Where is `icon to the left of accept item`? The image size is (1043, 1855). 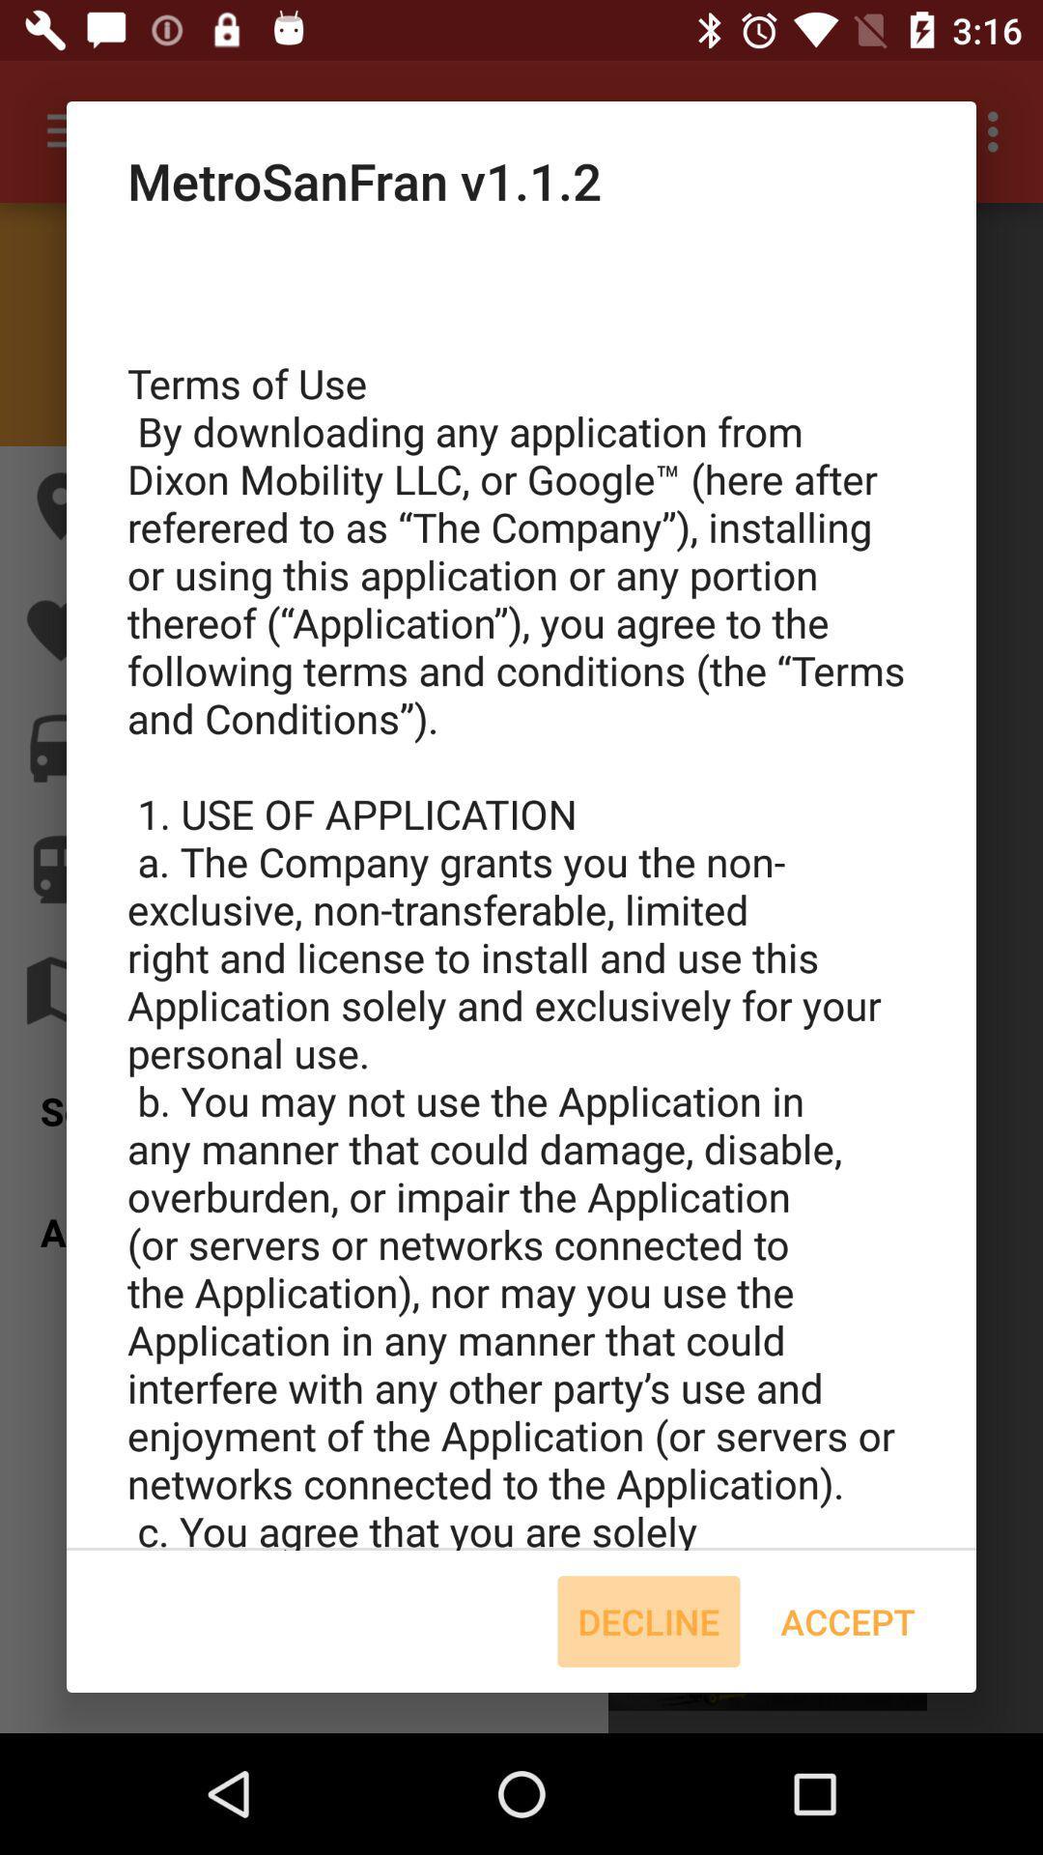 icon to the left of accept item is located at coordinates (648, 1621).